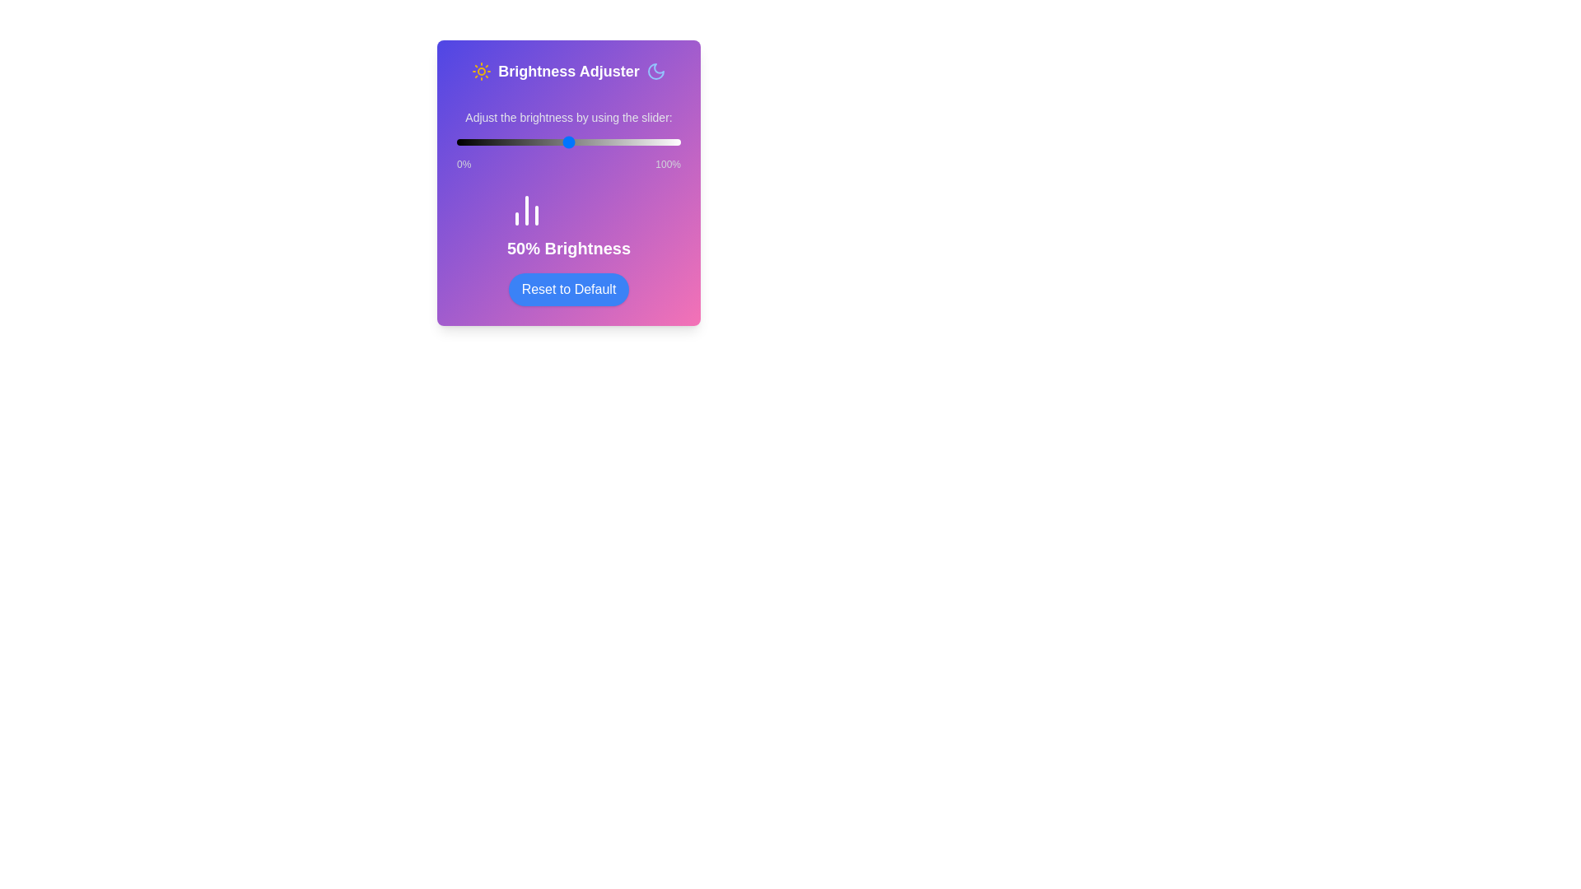  Describe the element at coordinates (635, 142) in the screenshot. I see `the brightness to 80% by moving the slider` at that location.